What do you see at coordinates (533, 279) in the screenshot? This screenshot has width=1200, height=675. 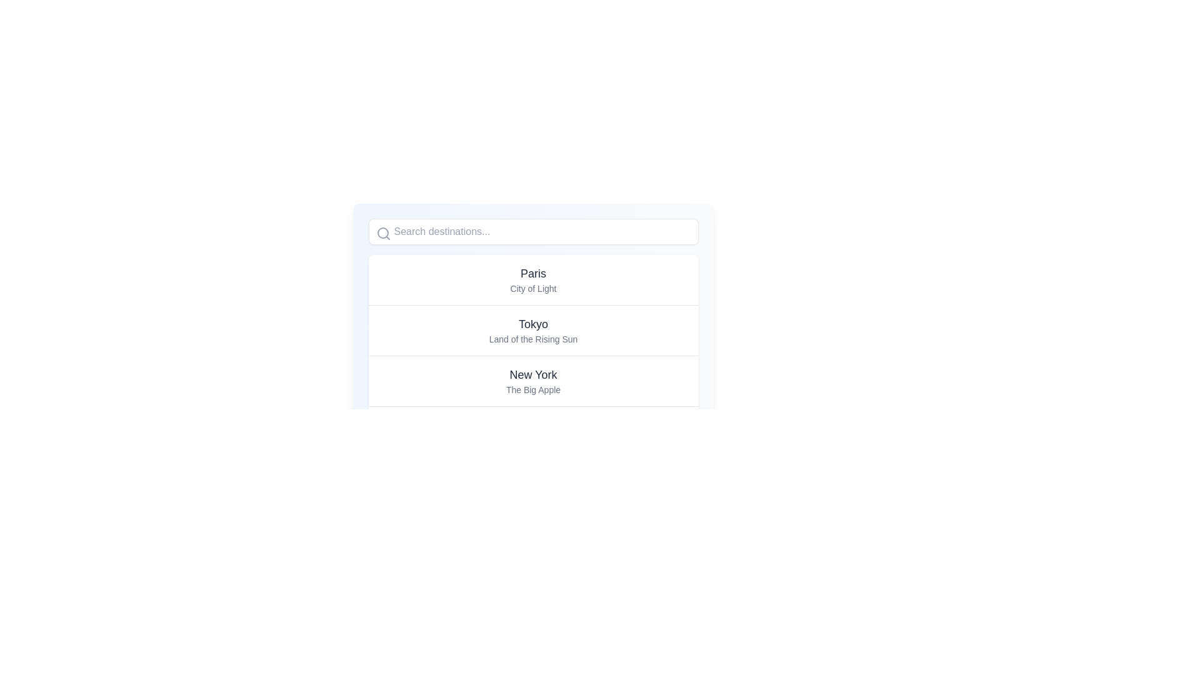 I see `the first clickable list item representing the city 'Paris'` at bounding box center [533, 279].